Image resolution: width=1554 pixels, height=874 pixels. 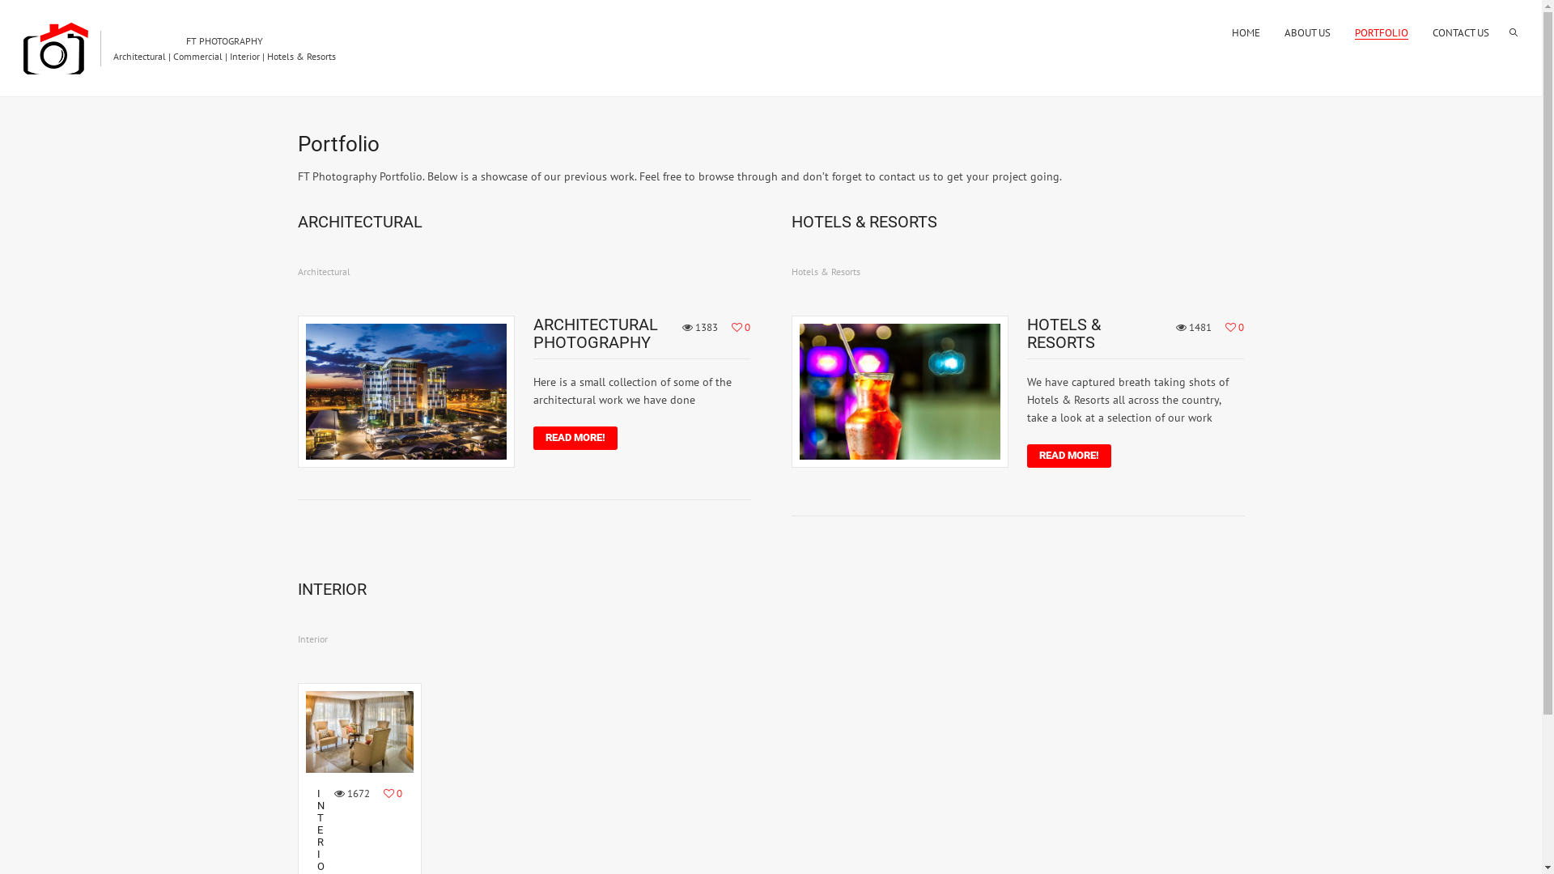 What do you see at coordinates (826, 270) in the screenshot?
I see `'Hotels & Resorts'` at bounding box center [826, 270].